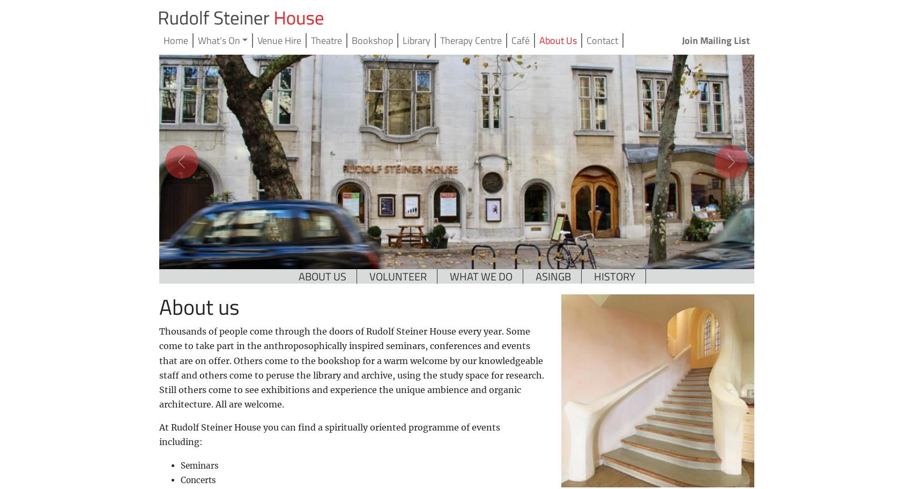 This screenshot has width=913, height=489. I want to click on 'At Rudolf Steiner House you can find a spiritually oriented programme of events including:', so click(158, 434).